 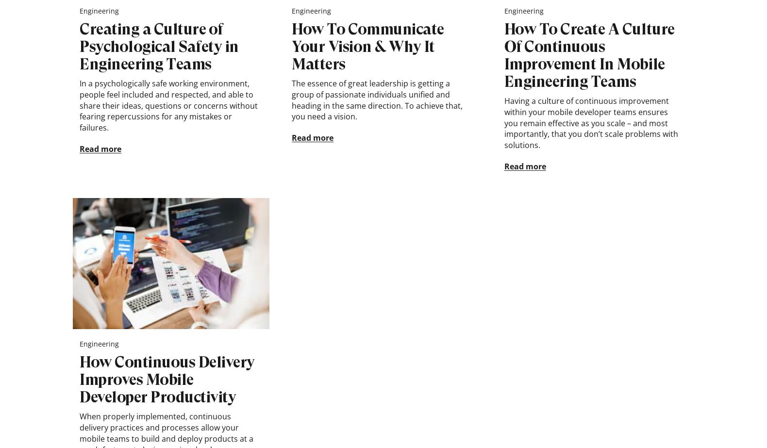 I want to click on 'Follow Novoda', so click(x=129, y=27).